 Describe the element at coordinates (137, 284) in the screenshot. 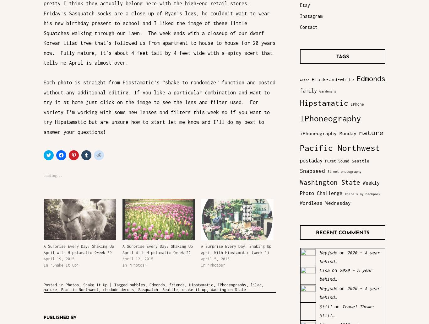

I see `'bubbles'` at that location.